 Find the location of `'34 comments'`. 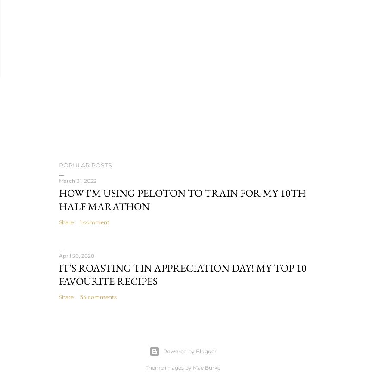

'34 comments' is located at coordinates (98, 296).